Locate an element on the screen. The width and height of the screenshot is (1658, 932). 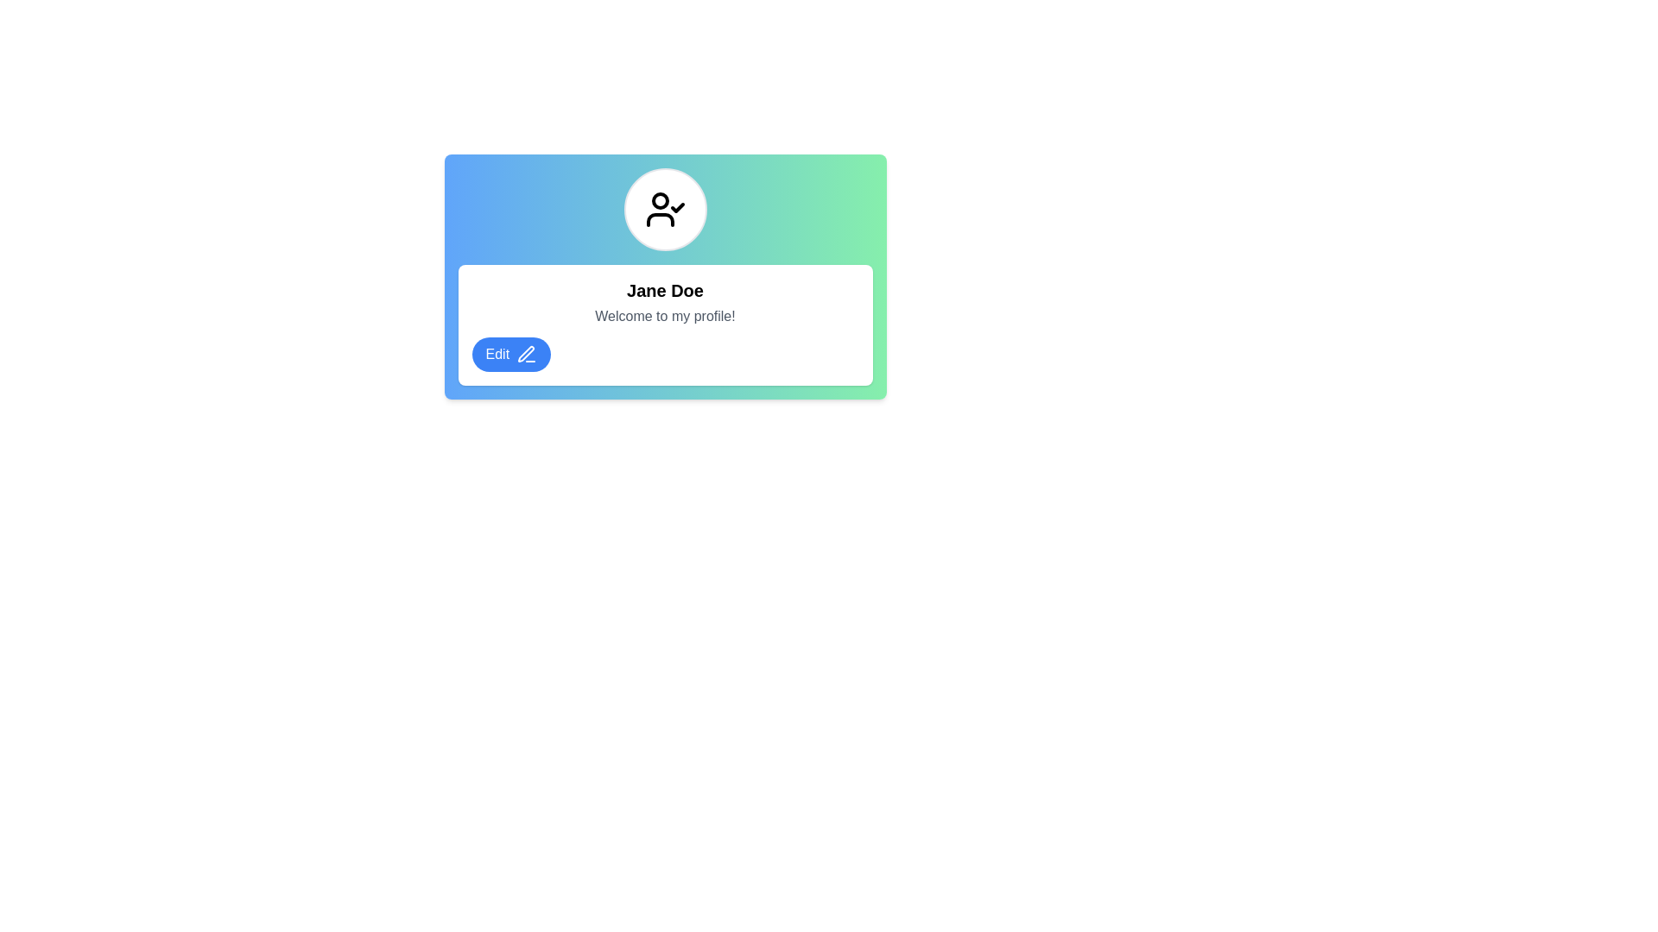
the decorative SVG Circle that is part of the user icon with a checkmark, located in the center of the interface is located at coordinates (659, 199).